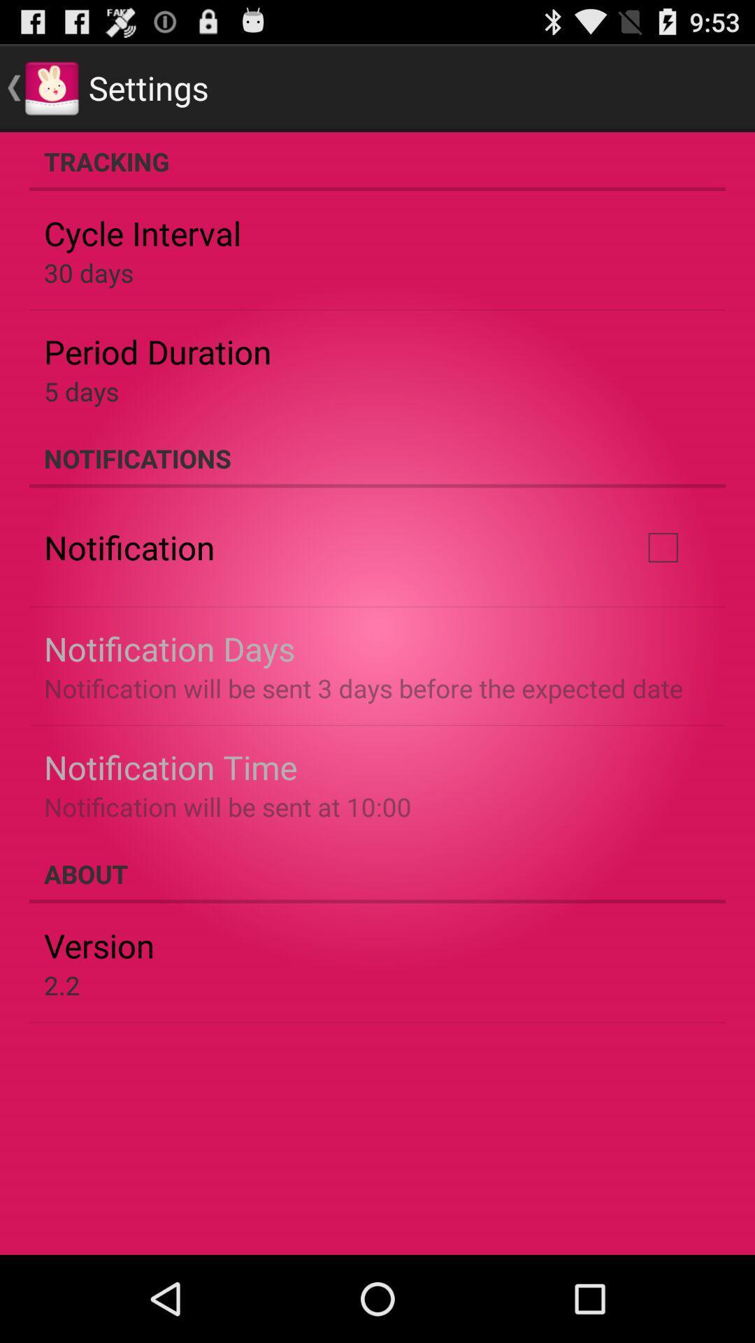 The height and width of the screenshot is (1343, 755). What do you see at coordinates (377, 873) in the screenshot?
I see `the item above the version icon` at bounding box center [377, 873].